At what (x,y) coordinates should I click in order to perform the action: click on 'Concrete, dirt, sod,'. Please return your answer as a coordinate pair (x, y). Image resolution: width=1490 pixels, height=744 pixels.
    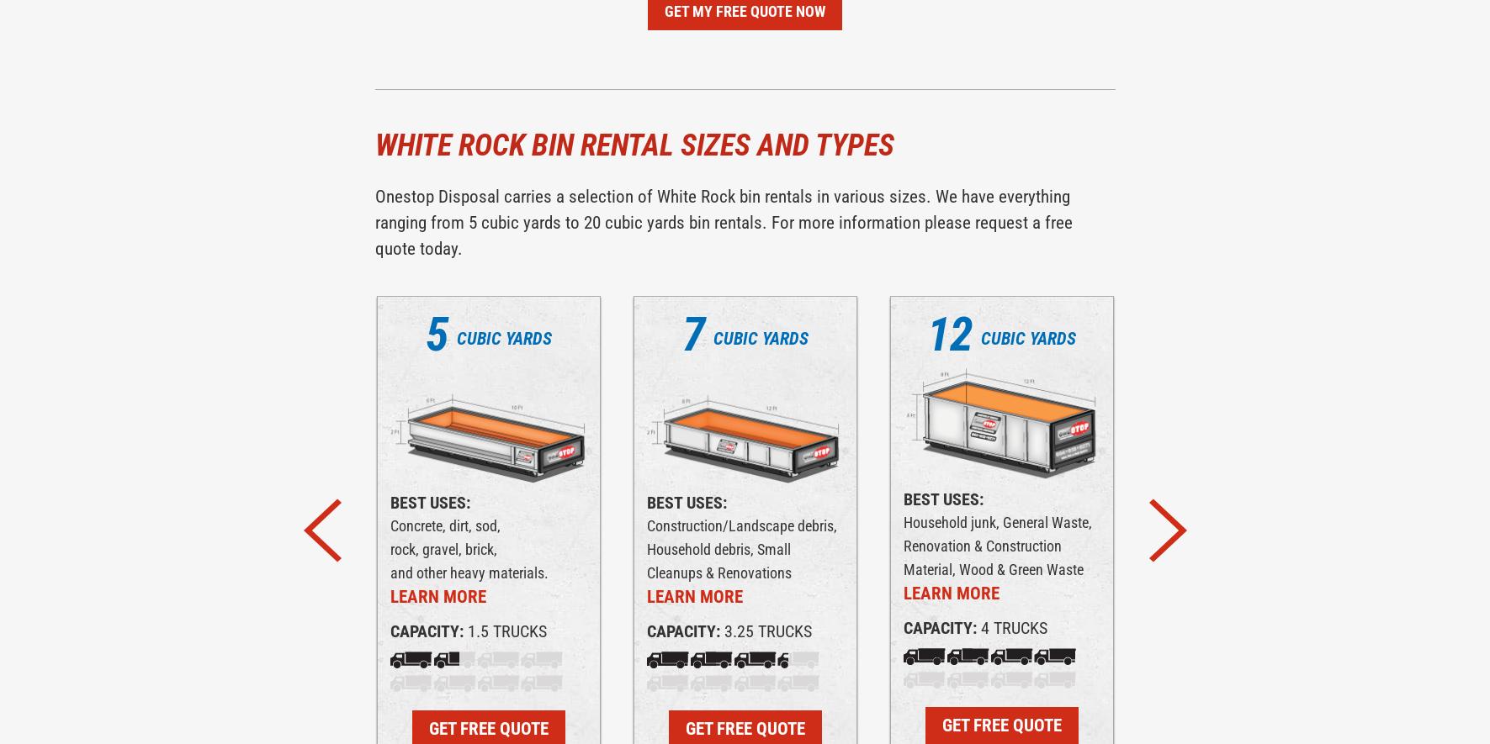
    Looking at the image, I should click on (443, 524).